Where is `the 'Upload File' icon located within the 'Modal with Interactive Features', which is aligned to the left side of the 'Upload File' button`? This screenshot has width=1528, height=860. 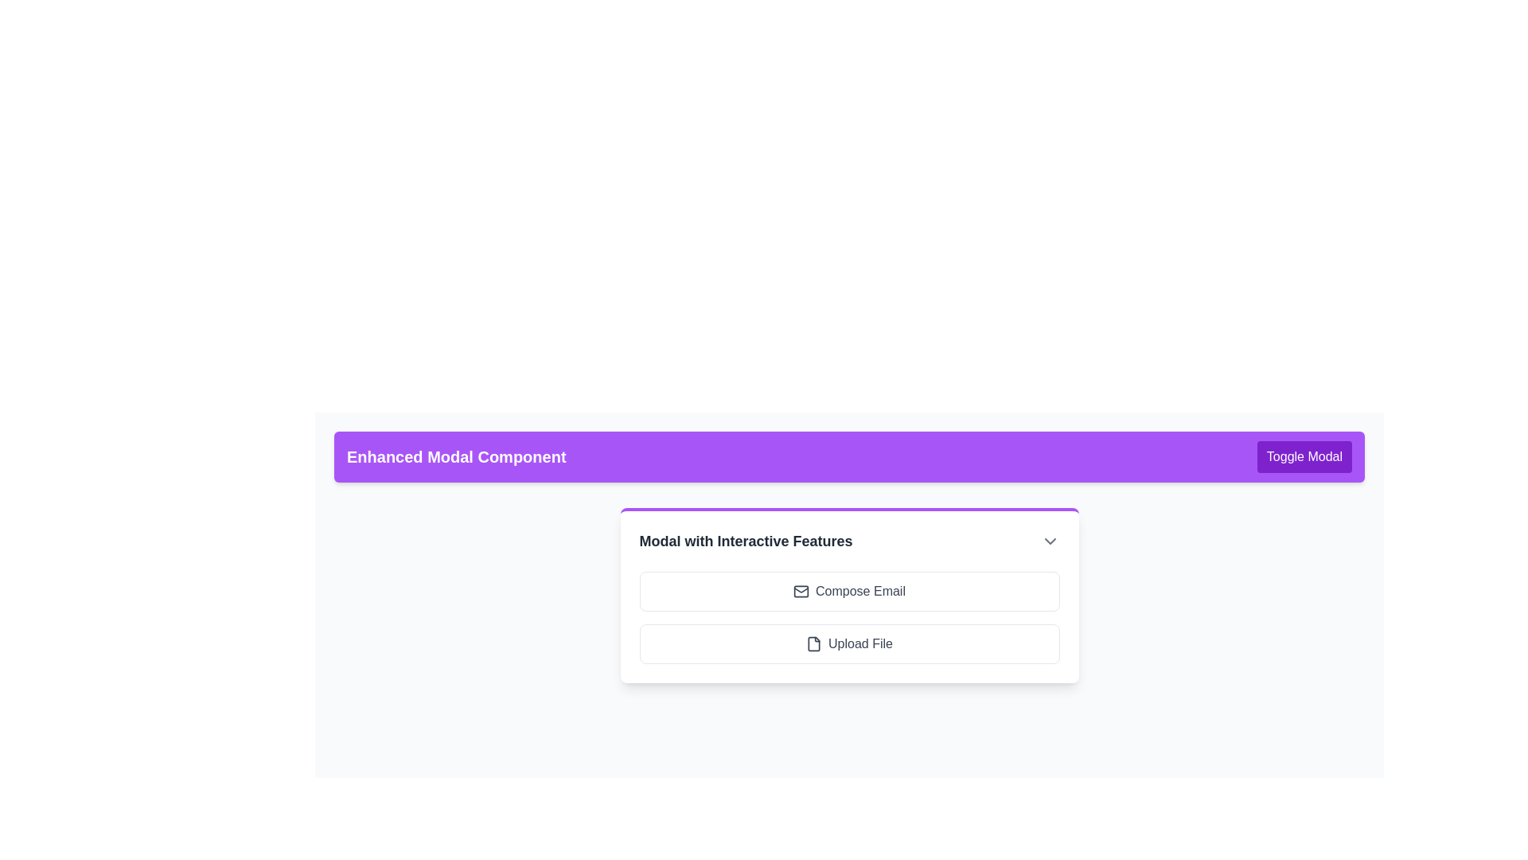 the 'Upload File' icon located within the 'Modal with Interactive Features', which is aligned to the left side of the 'Upload File' button is located at coordinates (813, 643).